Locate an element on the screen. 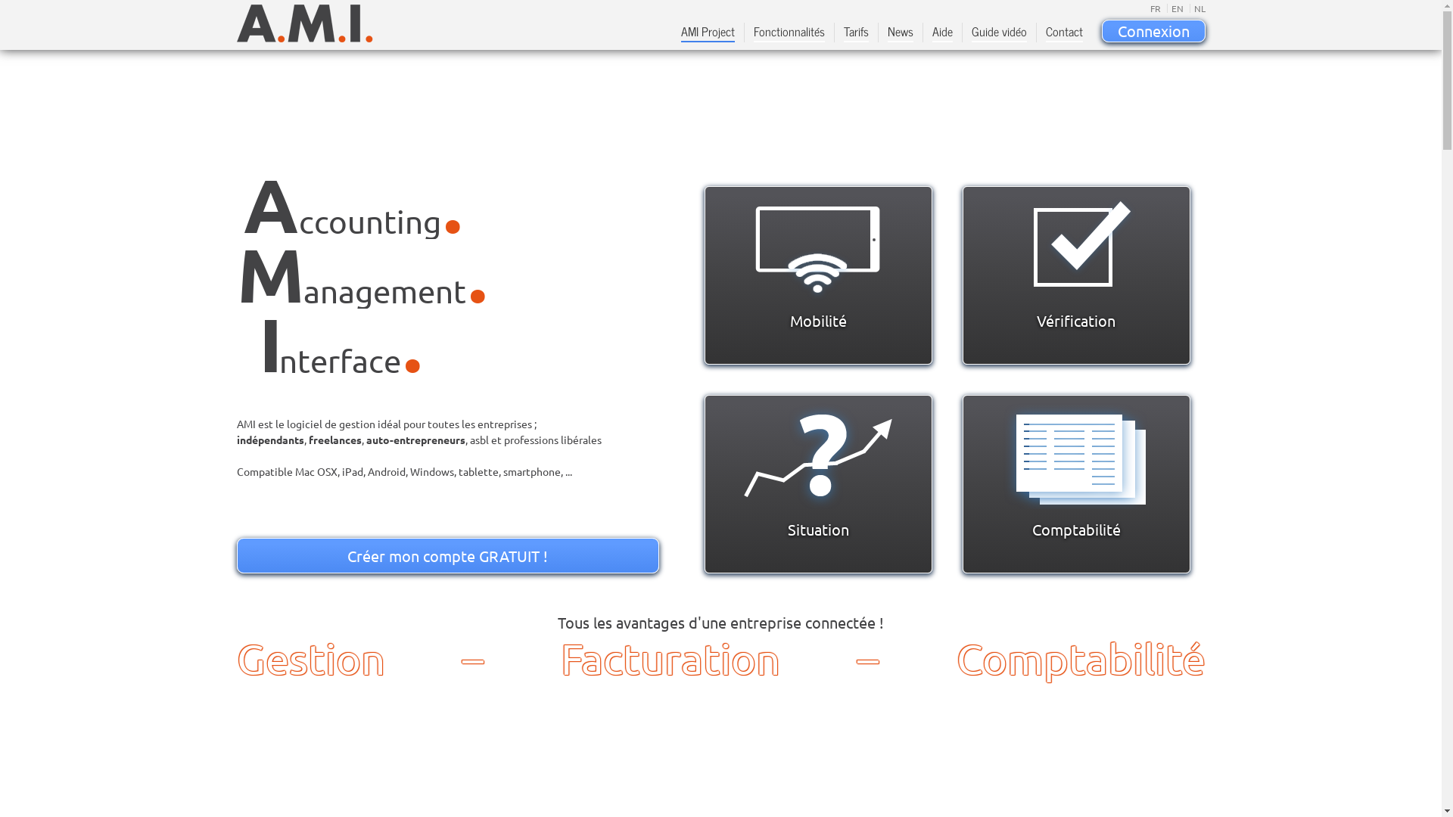 The height and width of the screenshot is (817, 1453). 'Tarifs' is located at coordinates (842, 33).